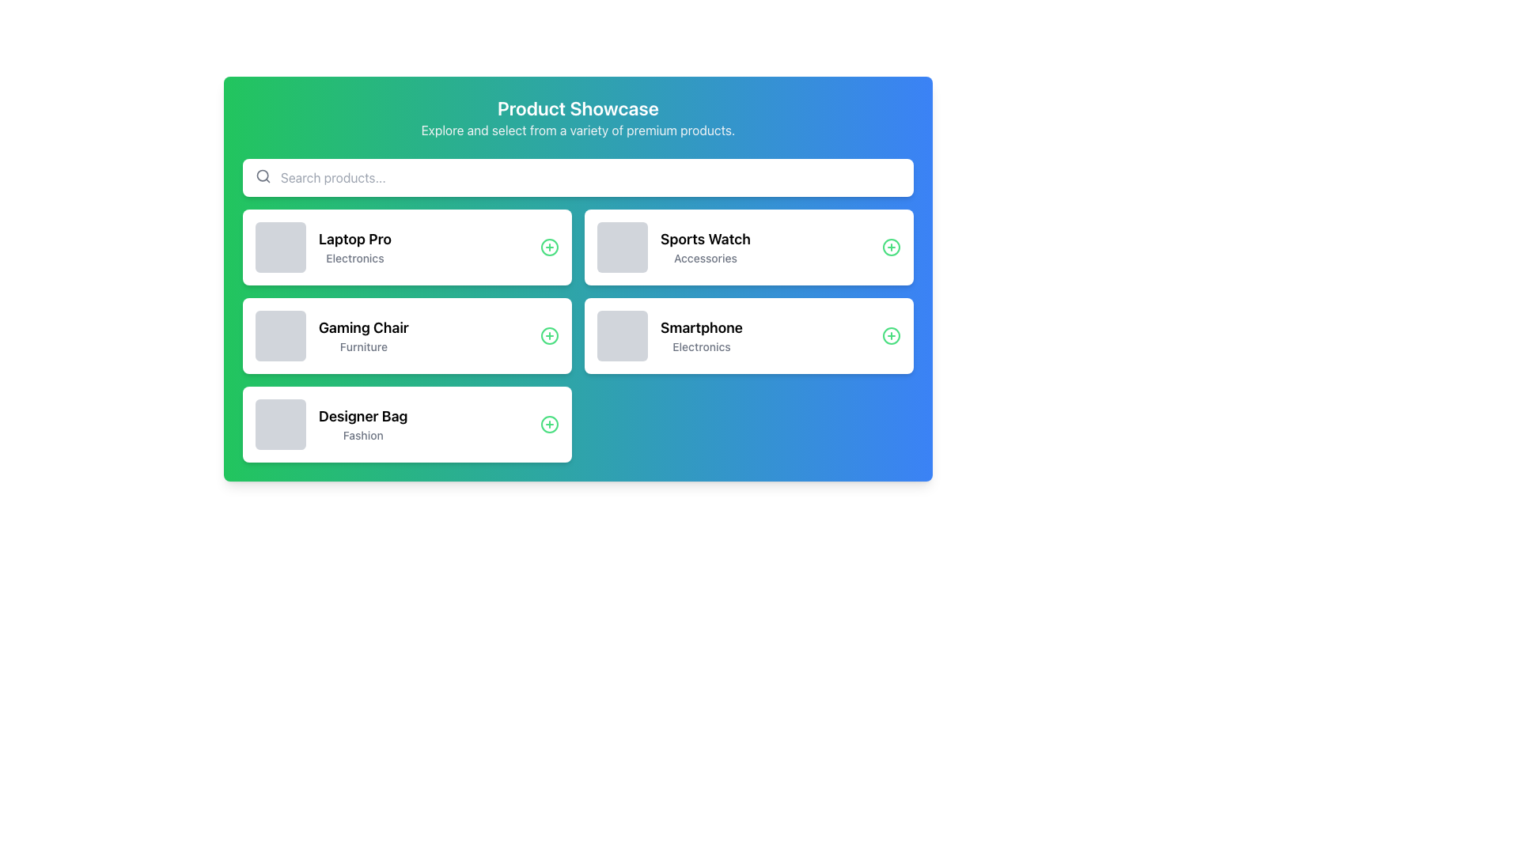 Image resolution: width=1519 pixels, height=854 pixels. Describe the element at coordinates (407, 247) in the screenshot. I see `the '+' button on the Clickable Product Card for 'Laptop Pro' in the Electronics category` at that location.